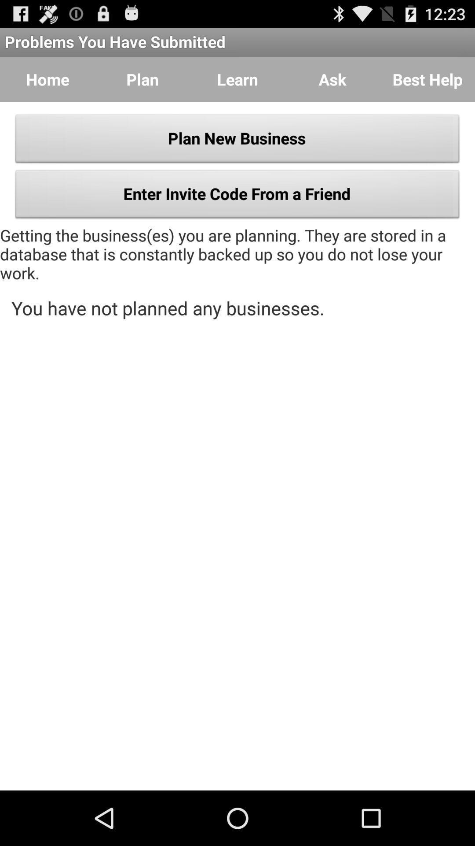 The width and height of the screenshot is (475, 846). What do you see at coordinates (237, 141) in the screenshot?
I see `icon below home item` at bounding box center [237, 141].